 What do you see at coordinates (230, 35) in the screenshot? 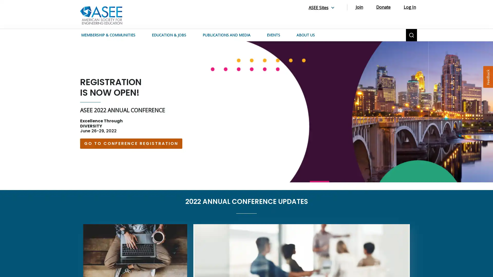
I see `PUBLICATIONS AND MEDIA` at bounding box center [230, 35].